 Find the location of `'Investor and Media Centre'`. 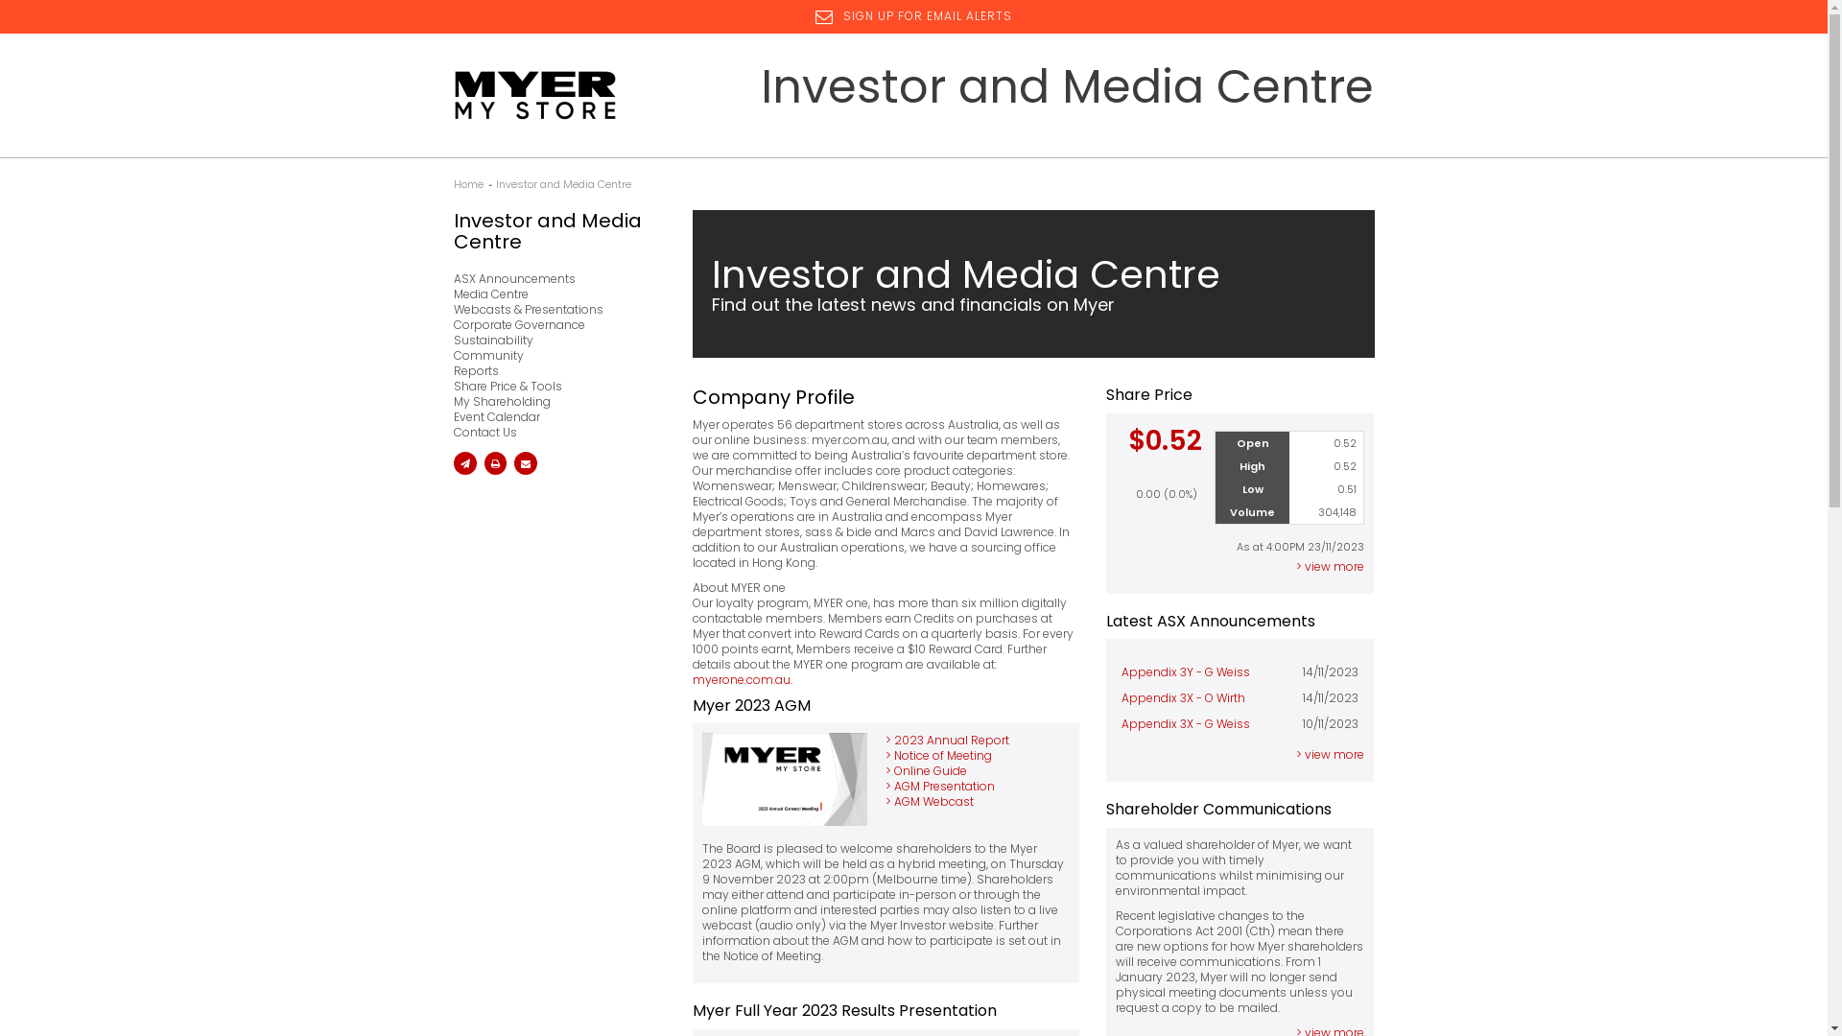

'Investor and Media Centre' is located at coordinates (553, 229).